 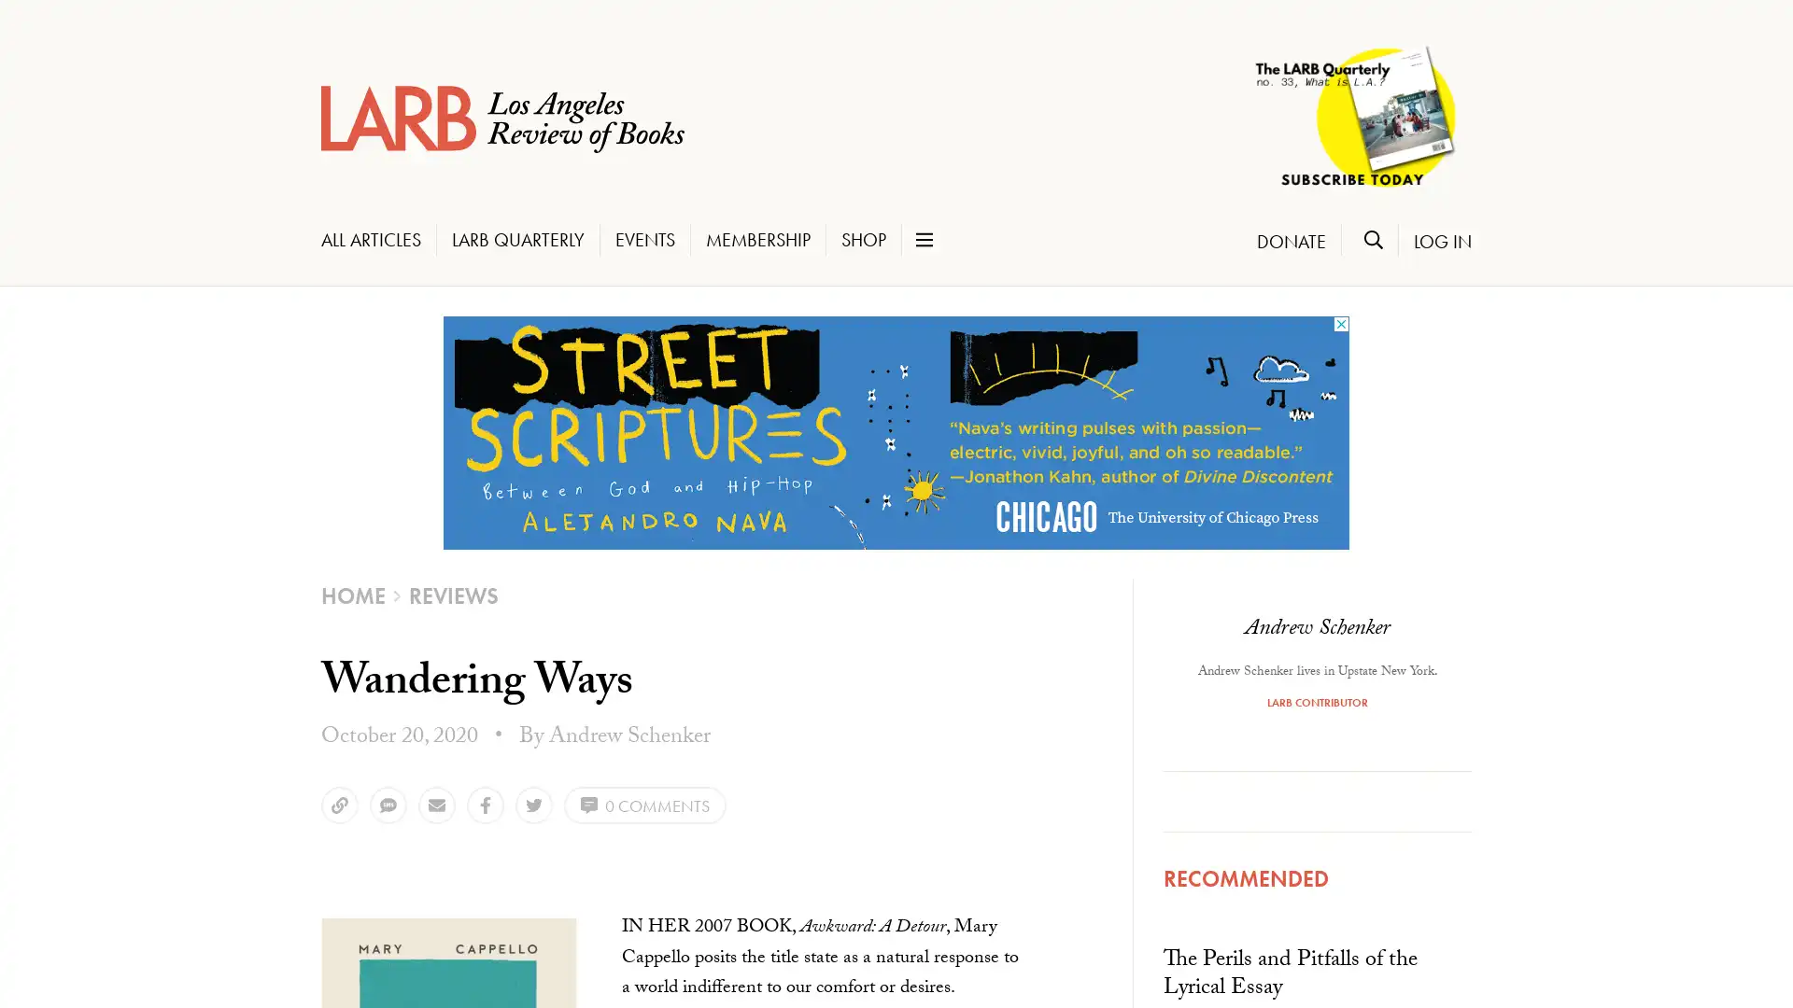 I want to click on Sign Up, so click(x=92, y=889).